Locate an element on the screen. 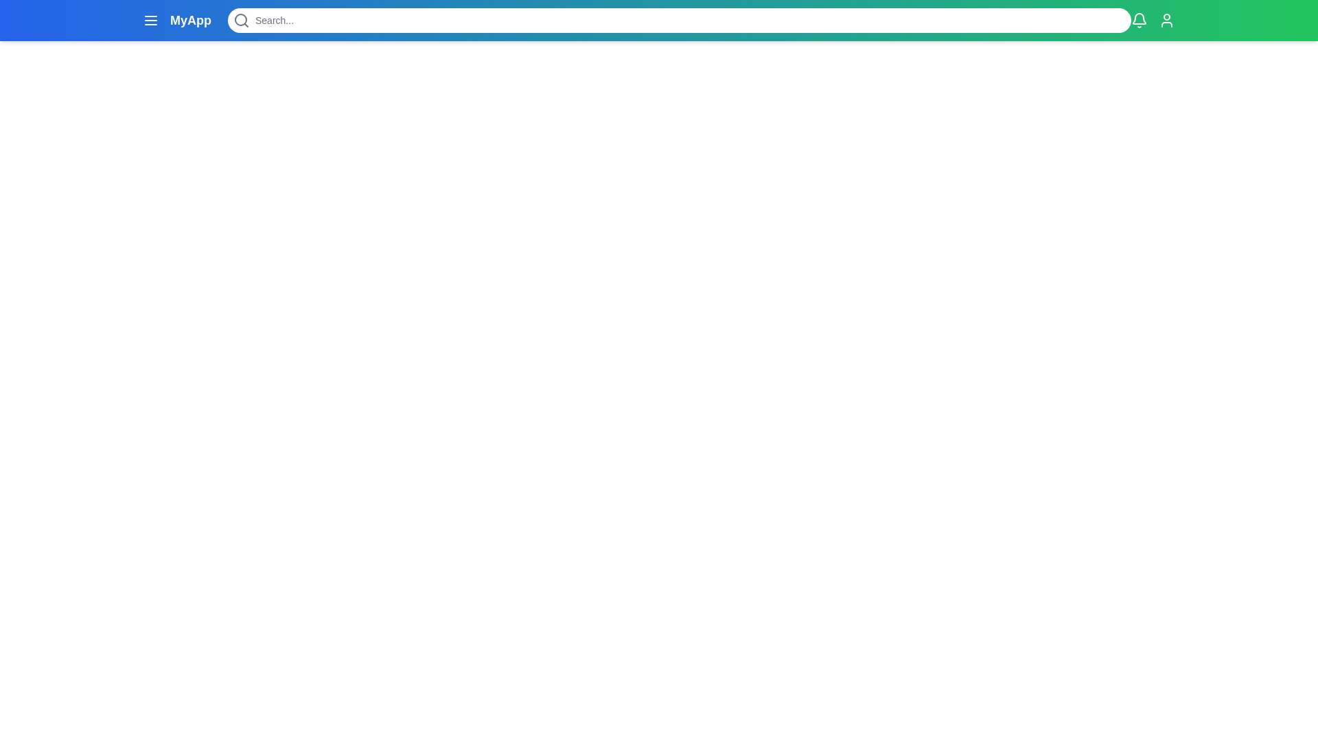 The width and height of the screenshot is (1318, 741). the text label reading 'MyApp', which is styled in bold white font on a blue background, located to the right of the menu icon is located at coordinates (190, 21).